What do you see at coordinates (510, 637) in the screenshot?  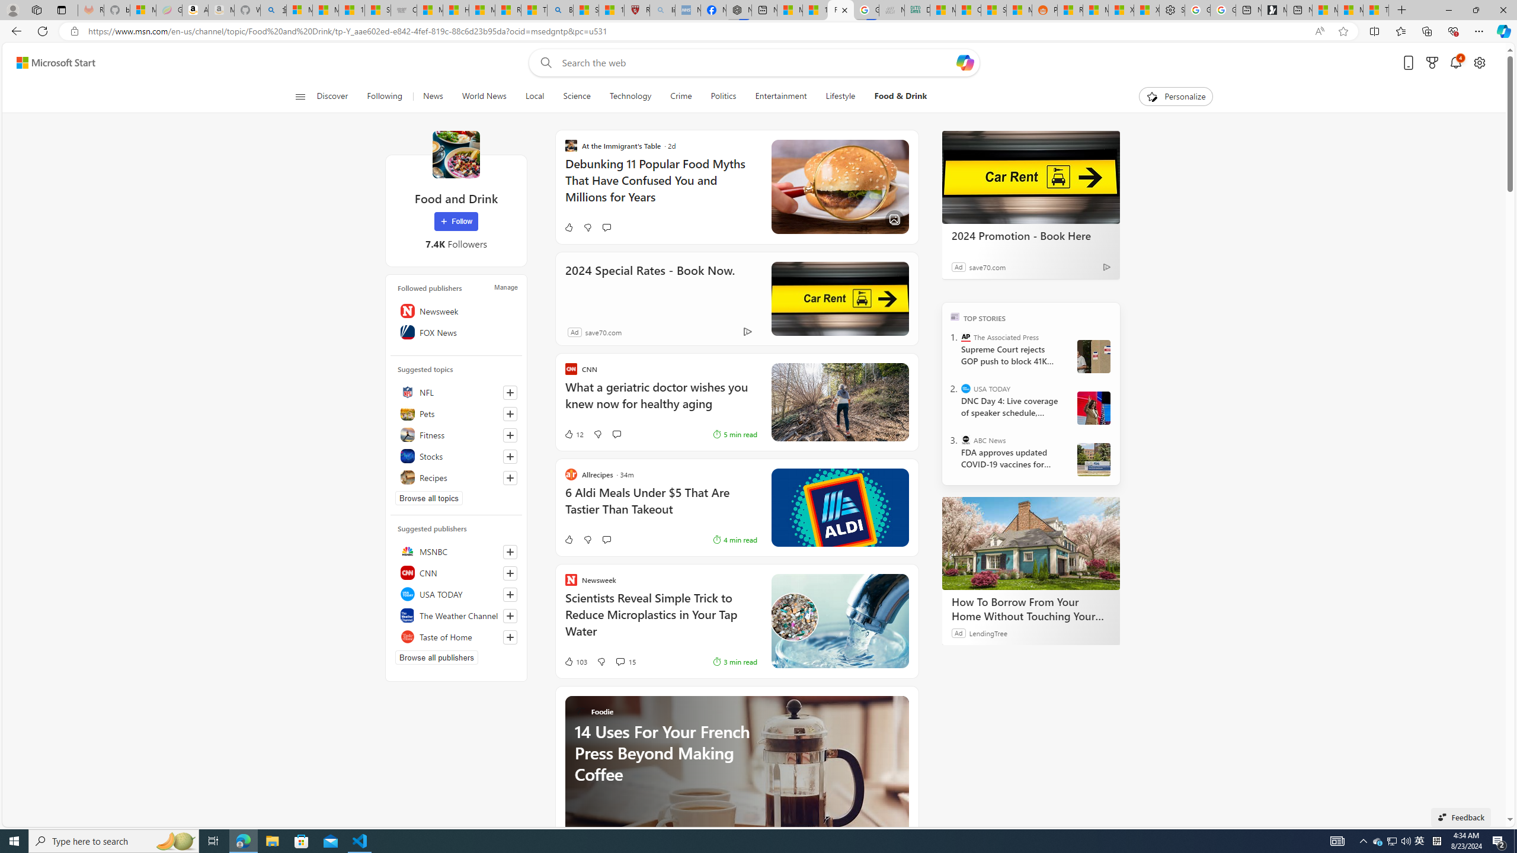 I see `'Follow this source'` at bounding box center [510, 637].